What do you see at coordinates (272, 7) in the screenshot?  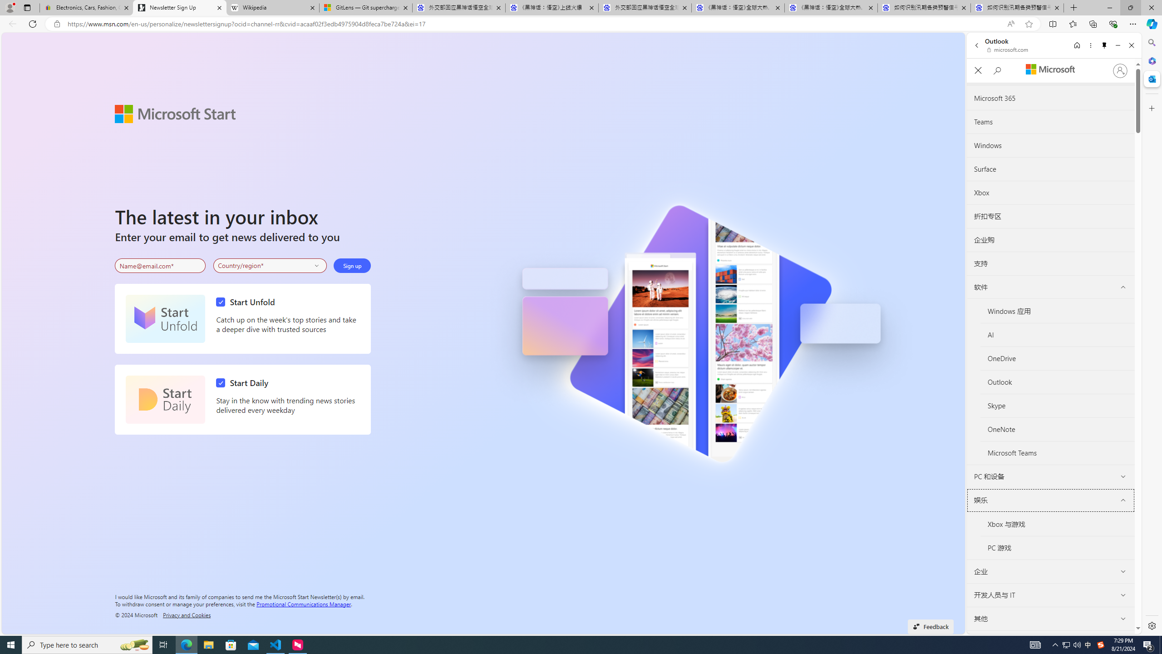 I see `'Wikipedia'` at bounding box center [272, 7].